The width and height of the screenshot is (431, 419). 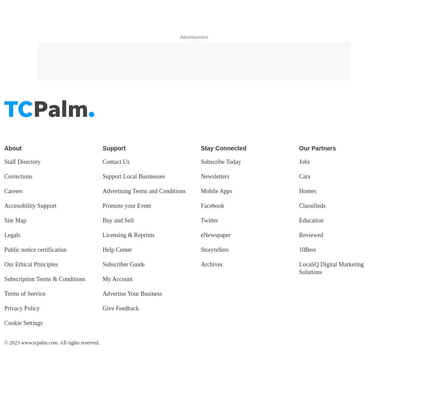 What do you see at coordinates (132, 52) in the screenshot?
I see `'Advertise Your Business'` at bounding box center [132, 52].